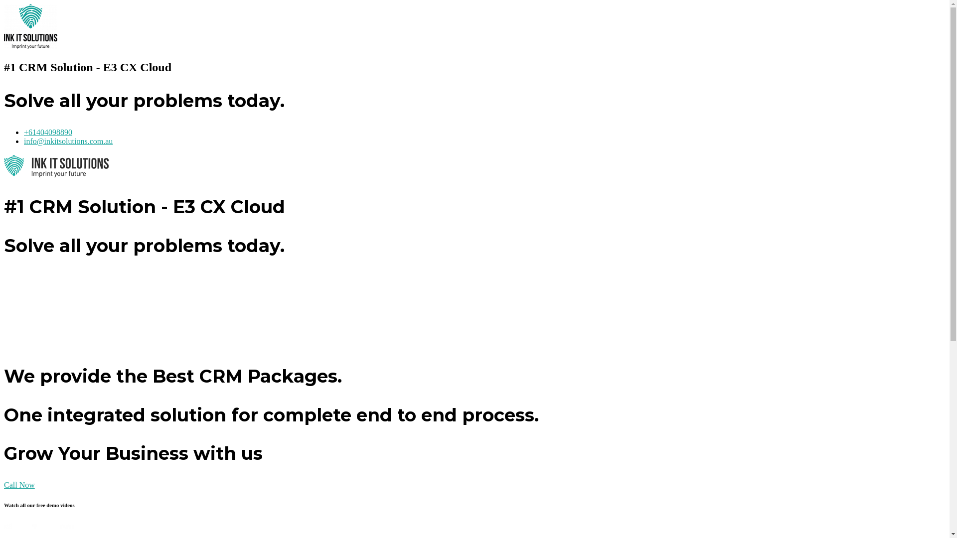 This screenshot has height=538, width=957. What do you see at coordinates (30, 26) in the screenshot?
I see `'logo_'` at bounding box center [30, 26].